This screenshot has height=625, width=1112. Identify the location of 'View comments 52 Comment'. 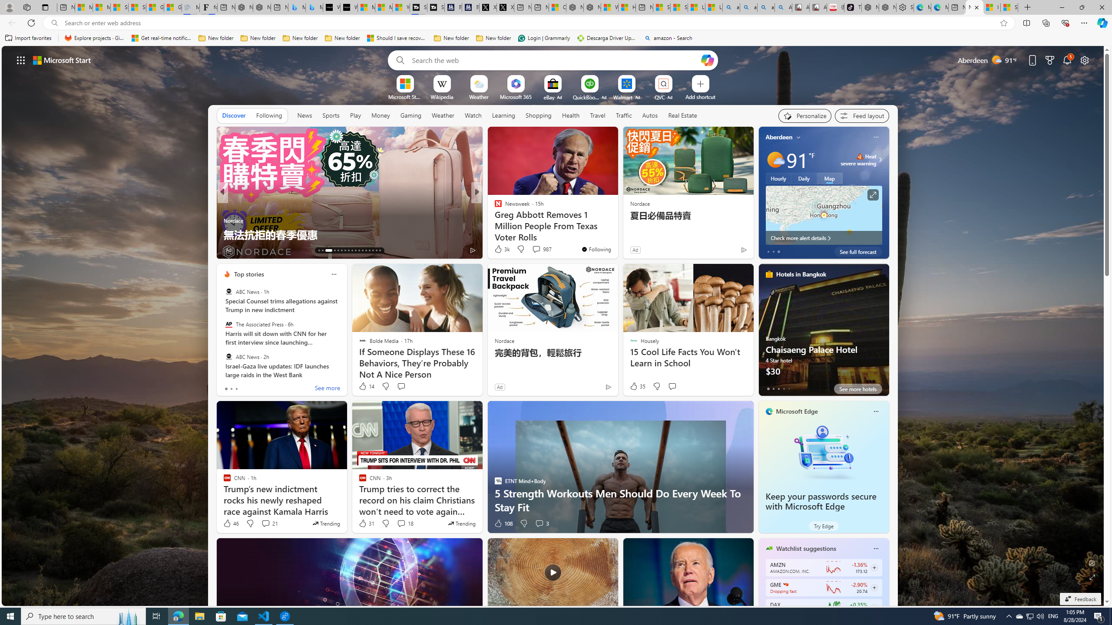
(538, 250).